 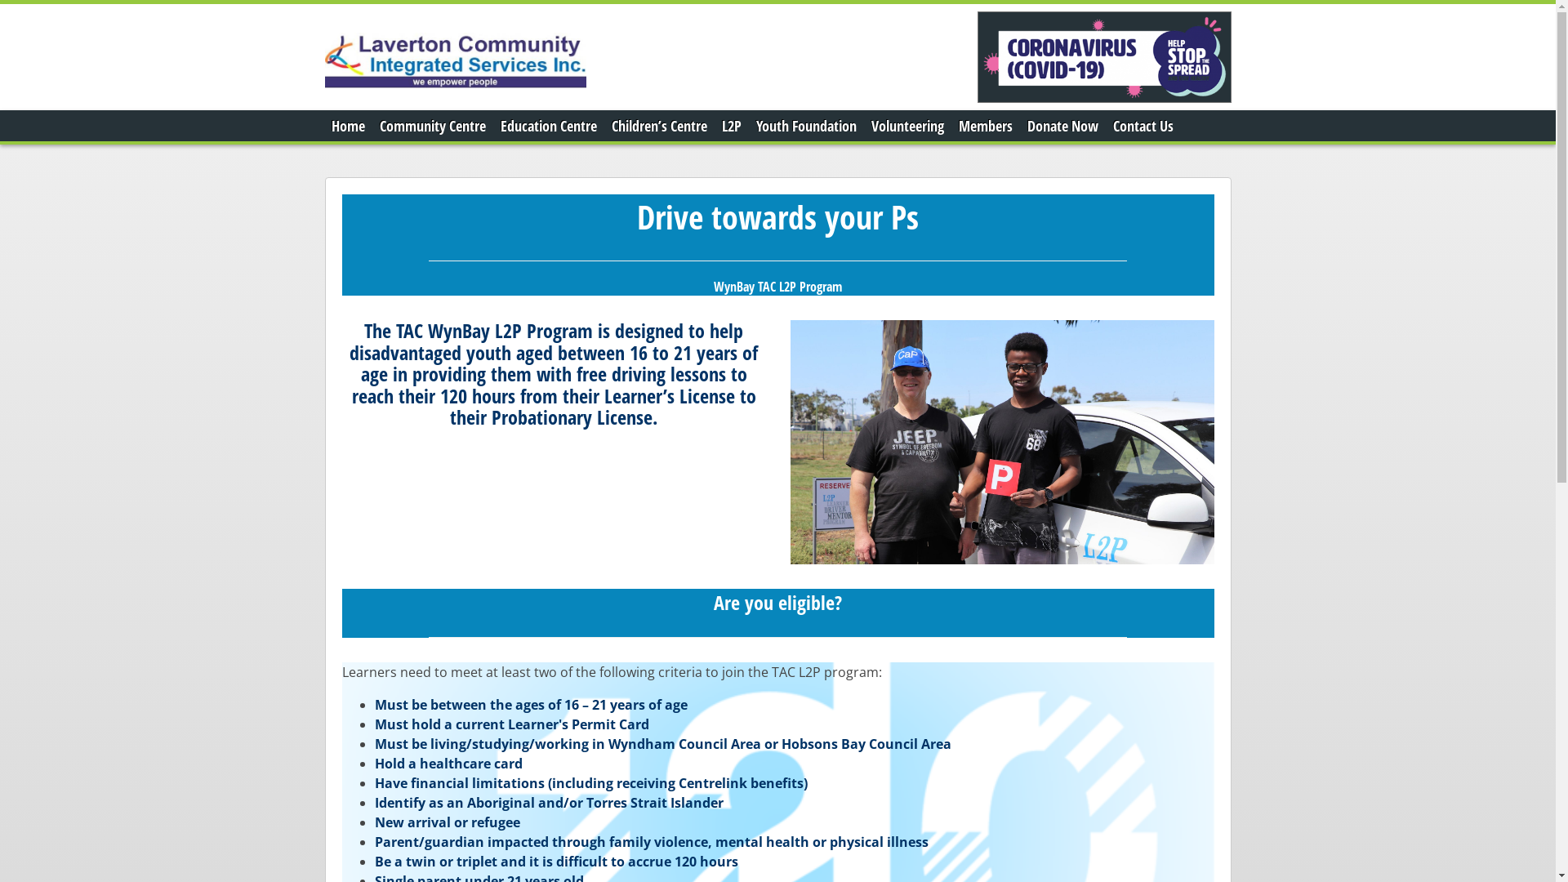 What do you see at coordinates (1141, 125) in the screenshot?
I see `'Contact Us'` at bounding box center [1141, 125].